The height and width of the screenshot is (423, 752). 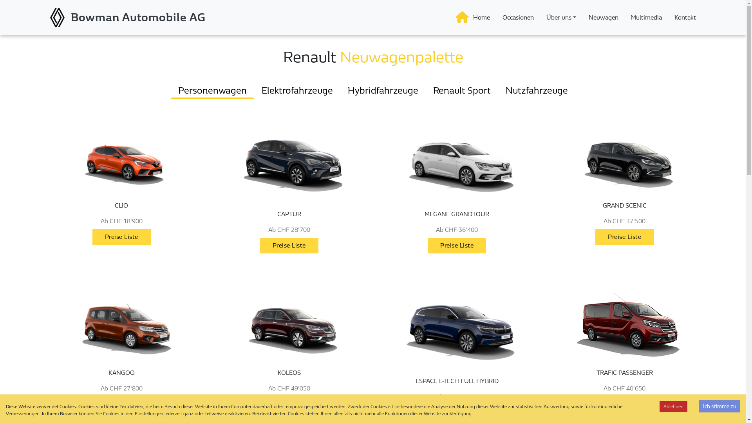 I want to click on 'Preise Liste', so click(x=121, y=404).